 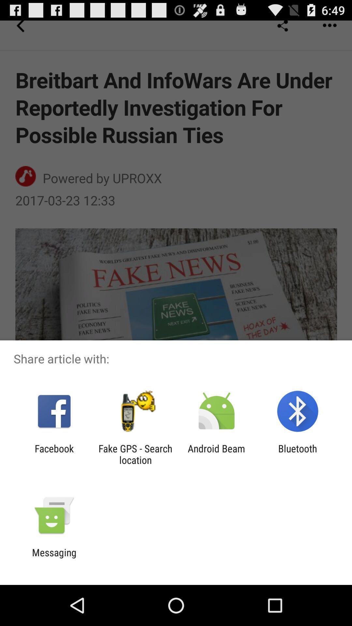 I want to click on the item next to the facebook app, so click(x=135, y=454).